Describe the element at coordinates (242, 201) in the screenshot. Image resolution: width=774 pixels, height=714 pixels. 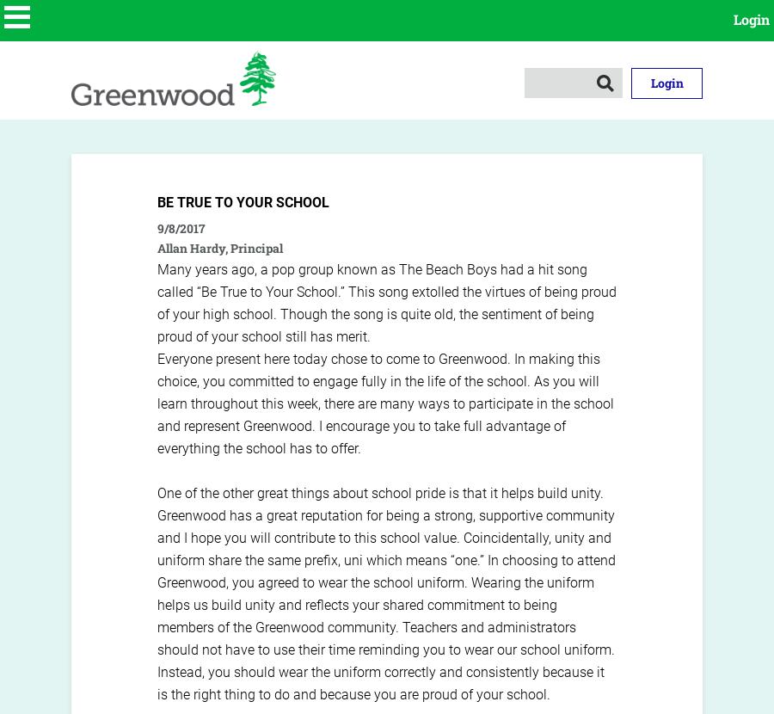
I see `'Be True to Your School'` at that location.